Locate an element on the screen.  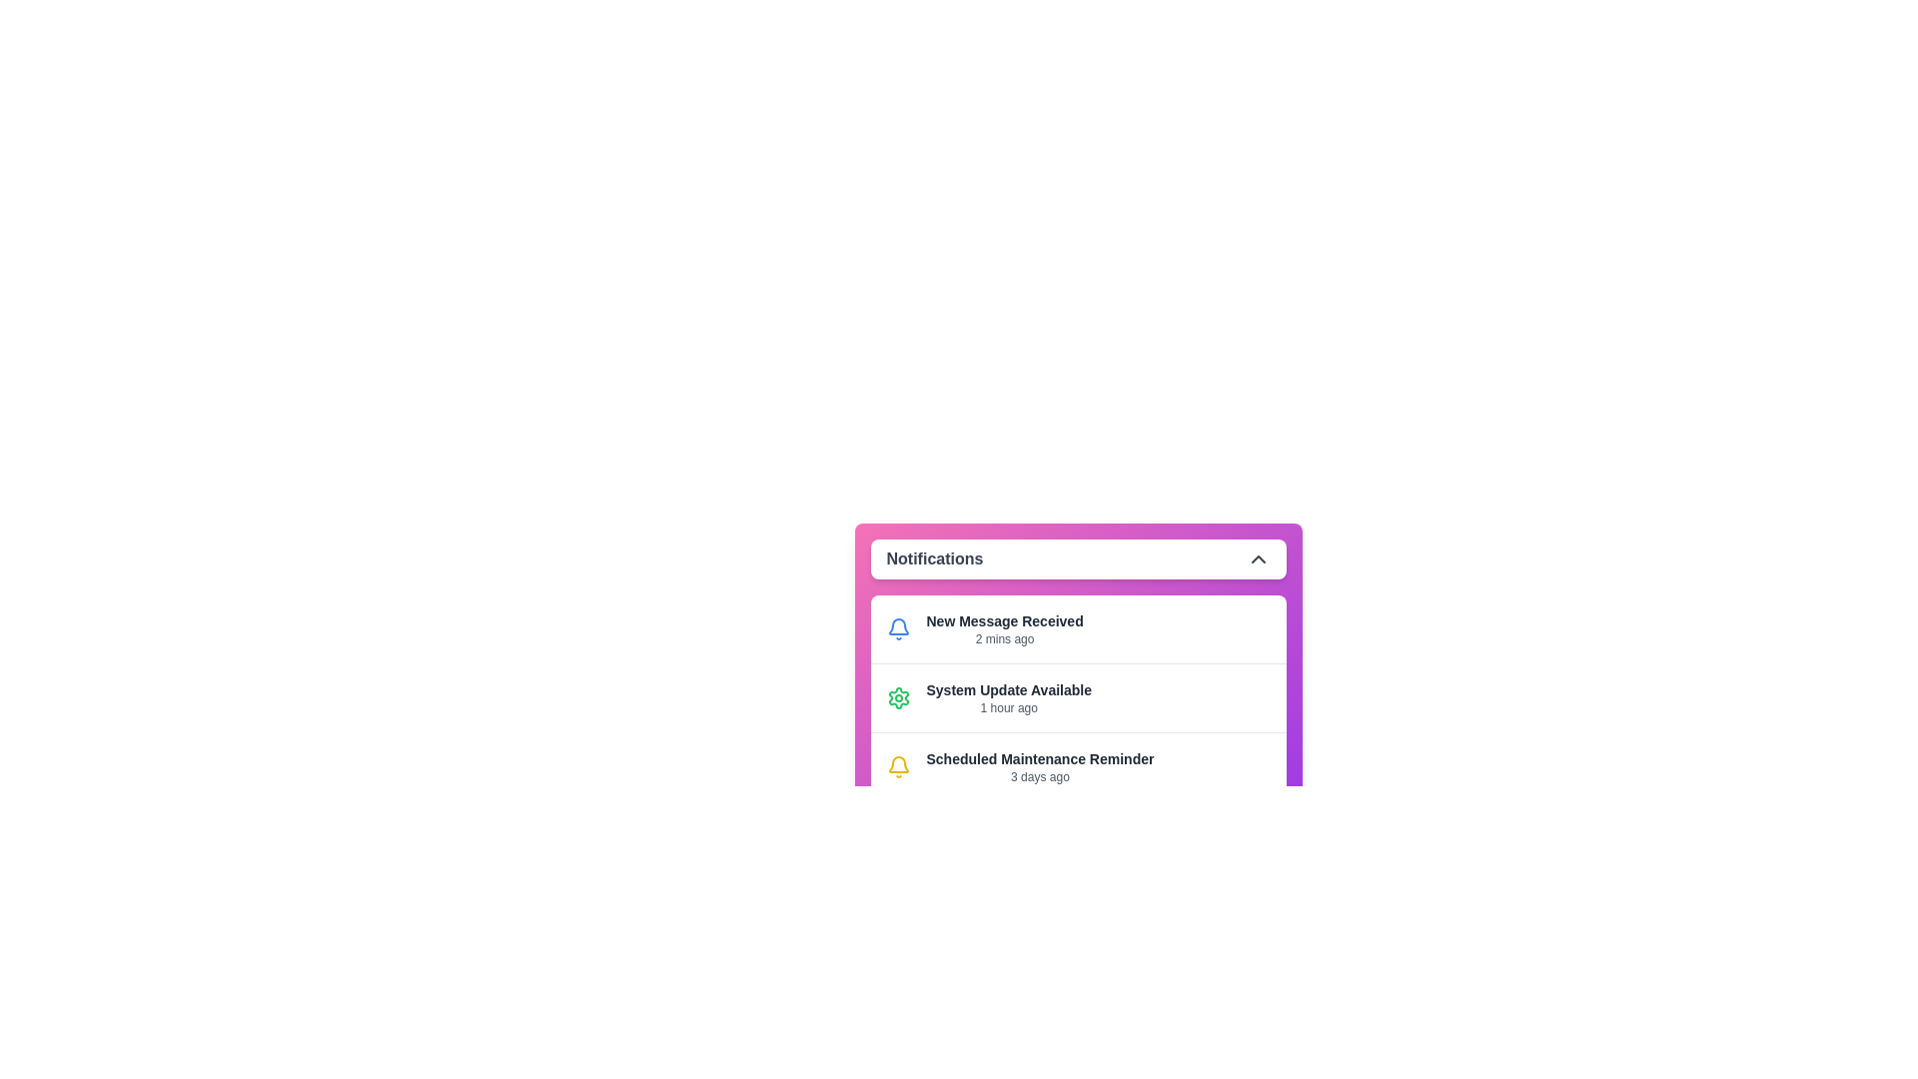
text displayed in the notification card, which says 'New Message Received' followed by '2 mins ago' is located at coordinates (1005, 627).